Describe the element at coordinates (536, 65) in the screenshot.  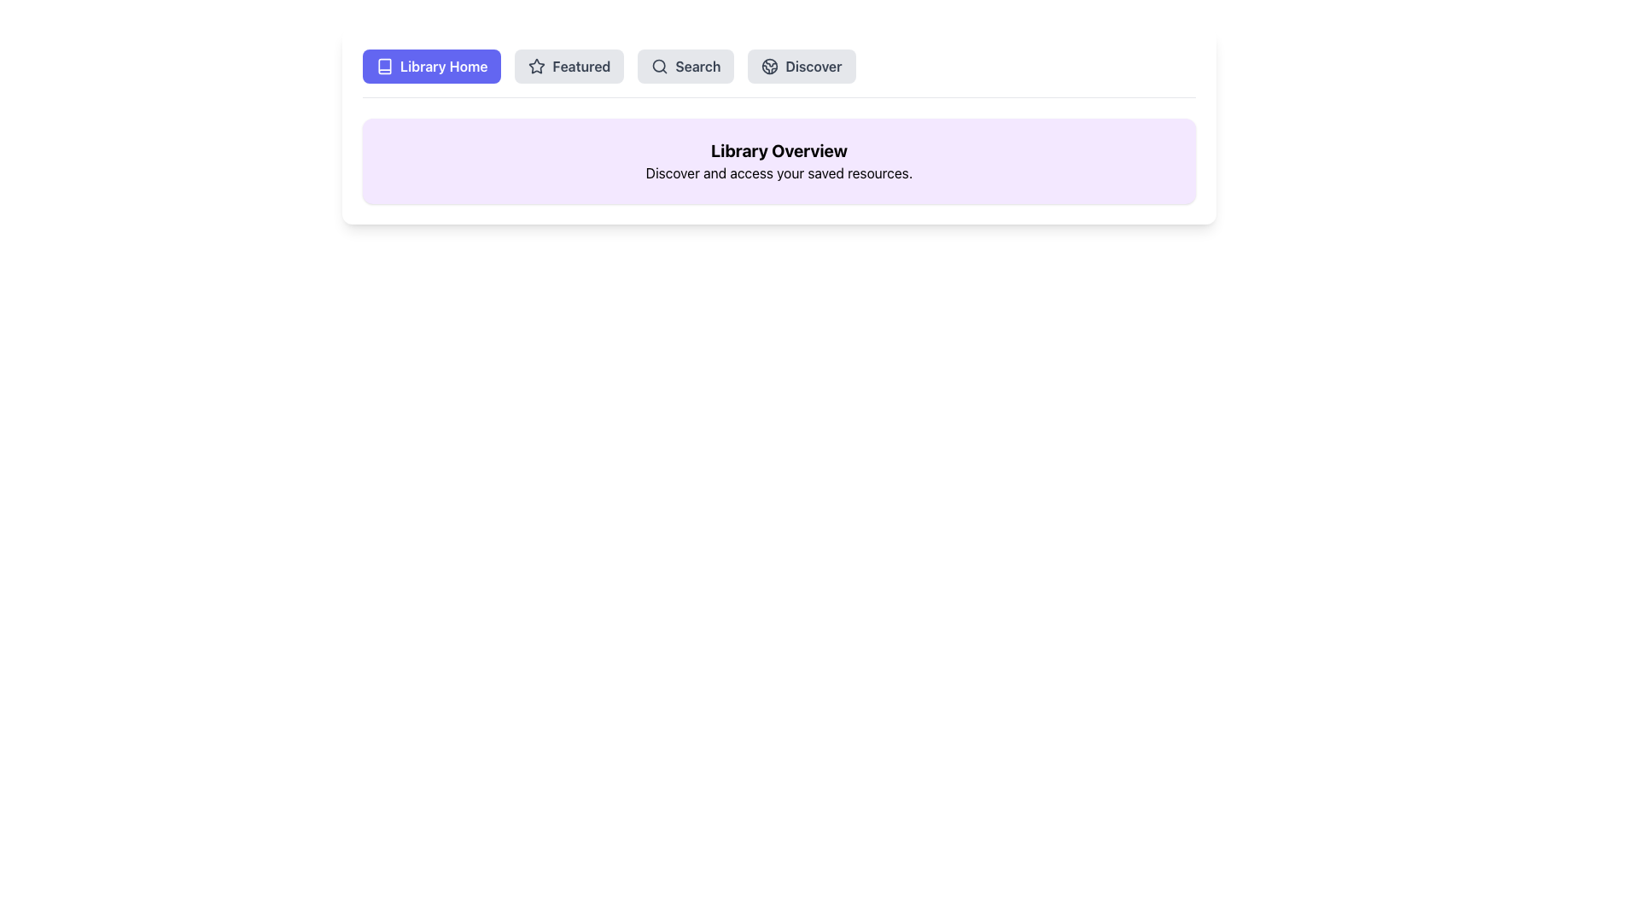
I see `the featured or favorite icon located in the top navigation bar, positioned second from the left, next to the Library Home and Search icons` at that location.